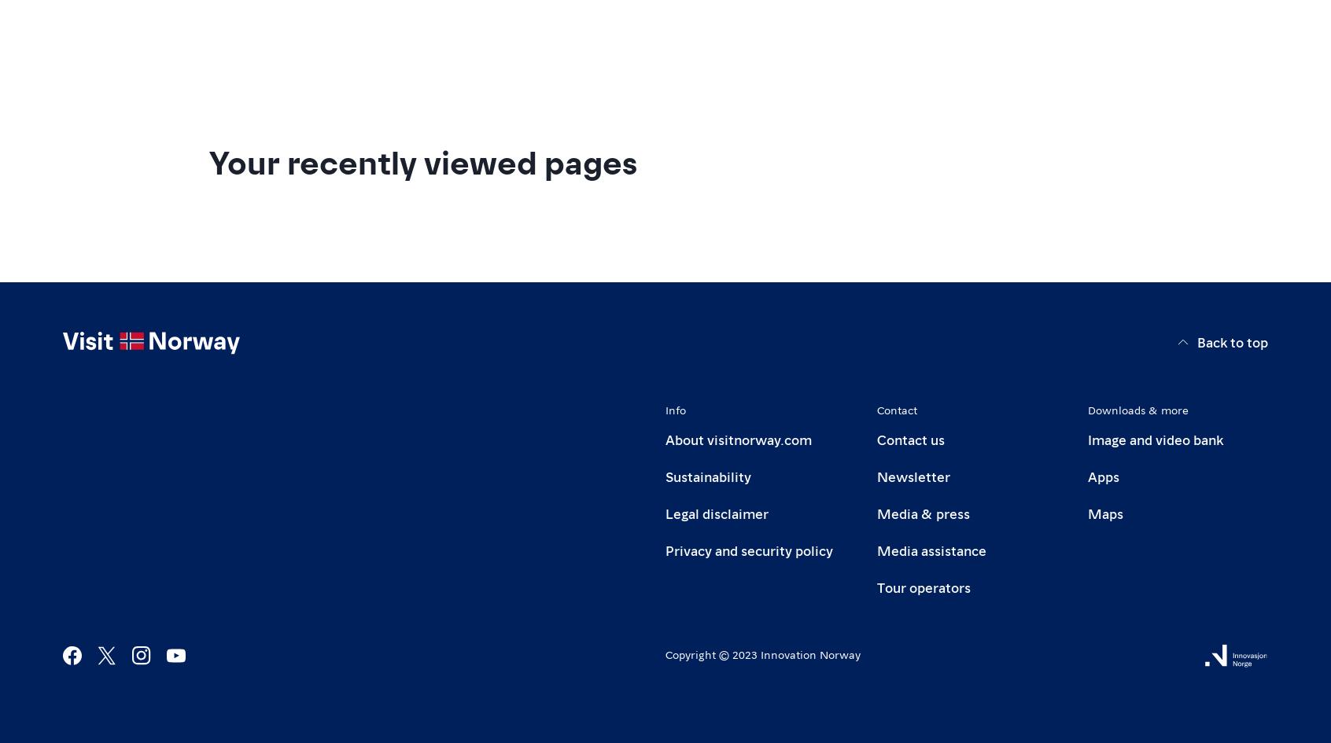  I want to click on 'Your recently viewed pages', so click(423, 160).